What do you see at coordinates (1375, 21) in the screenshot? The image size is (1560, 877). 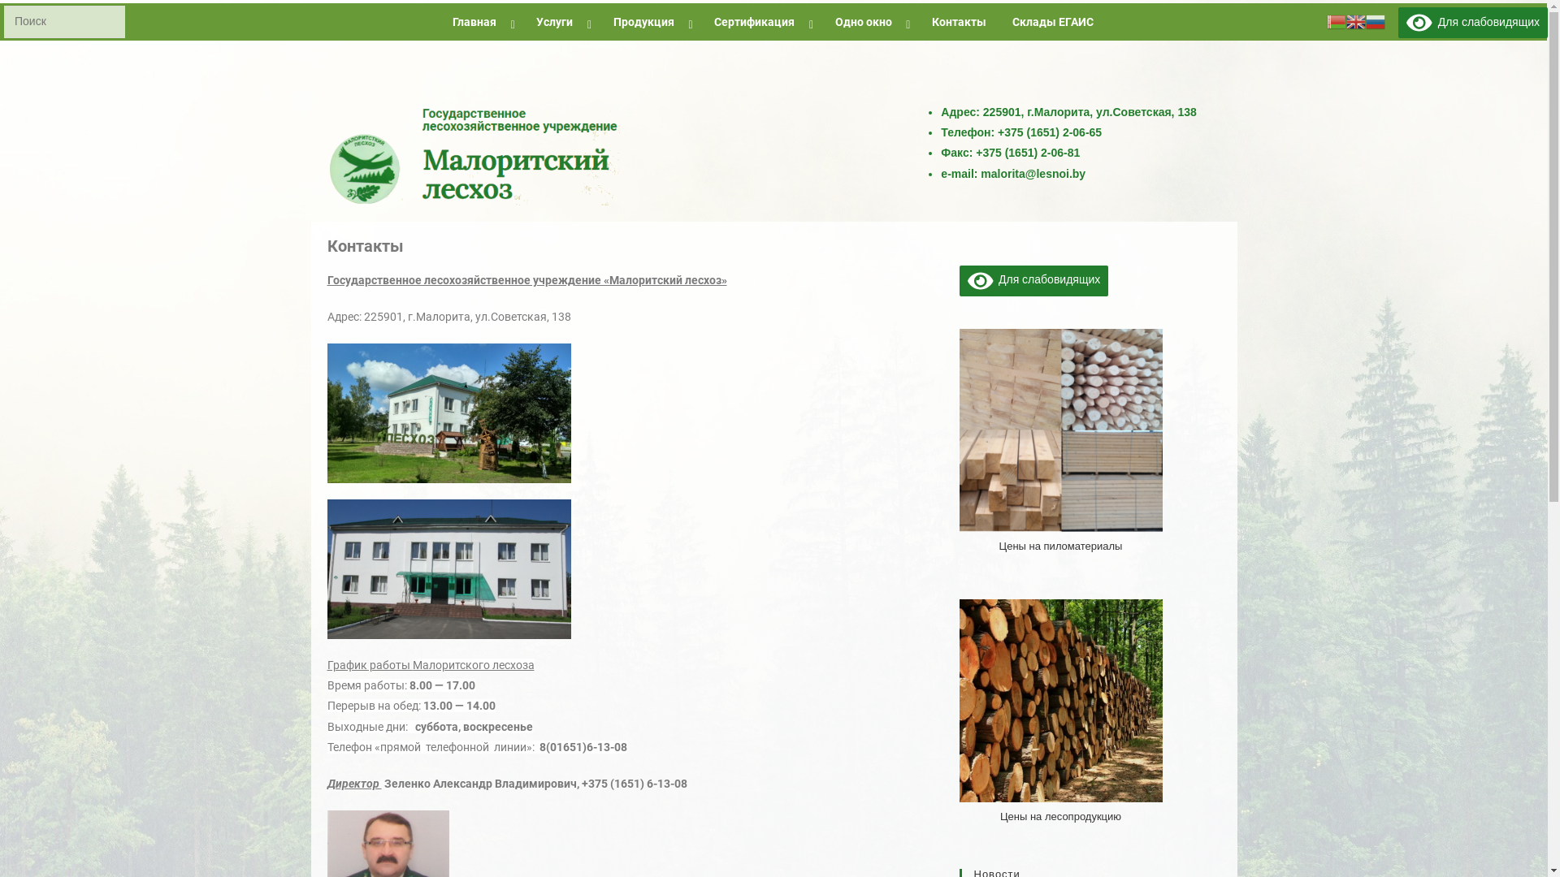 I see `'Russian'` at bounding box center [1375, 21].